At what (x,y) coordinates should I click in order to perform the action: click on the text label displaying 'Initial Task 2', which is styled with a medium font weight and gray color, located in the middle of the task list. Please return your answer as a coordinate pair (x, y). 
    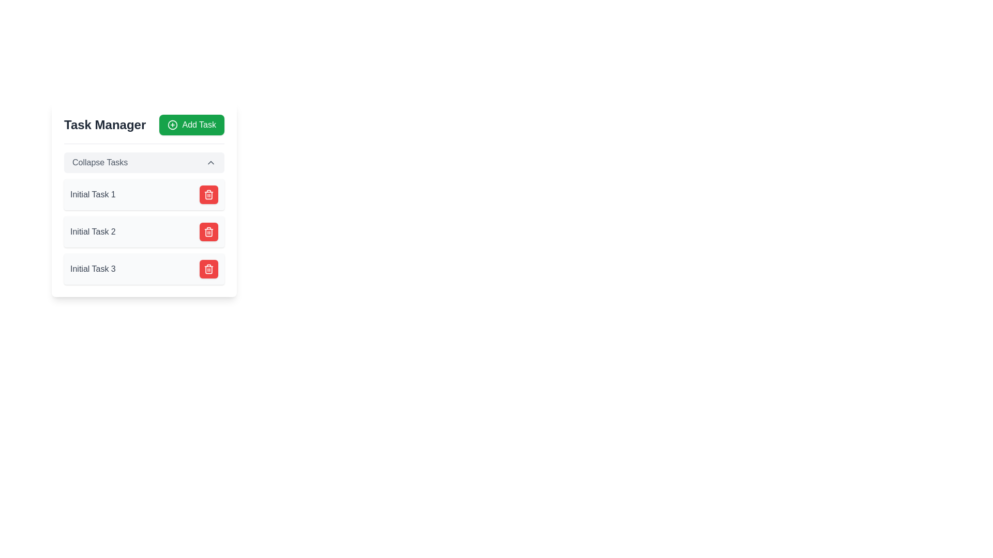
    Looking at the image, I should click on (93, 231).